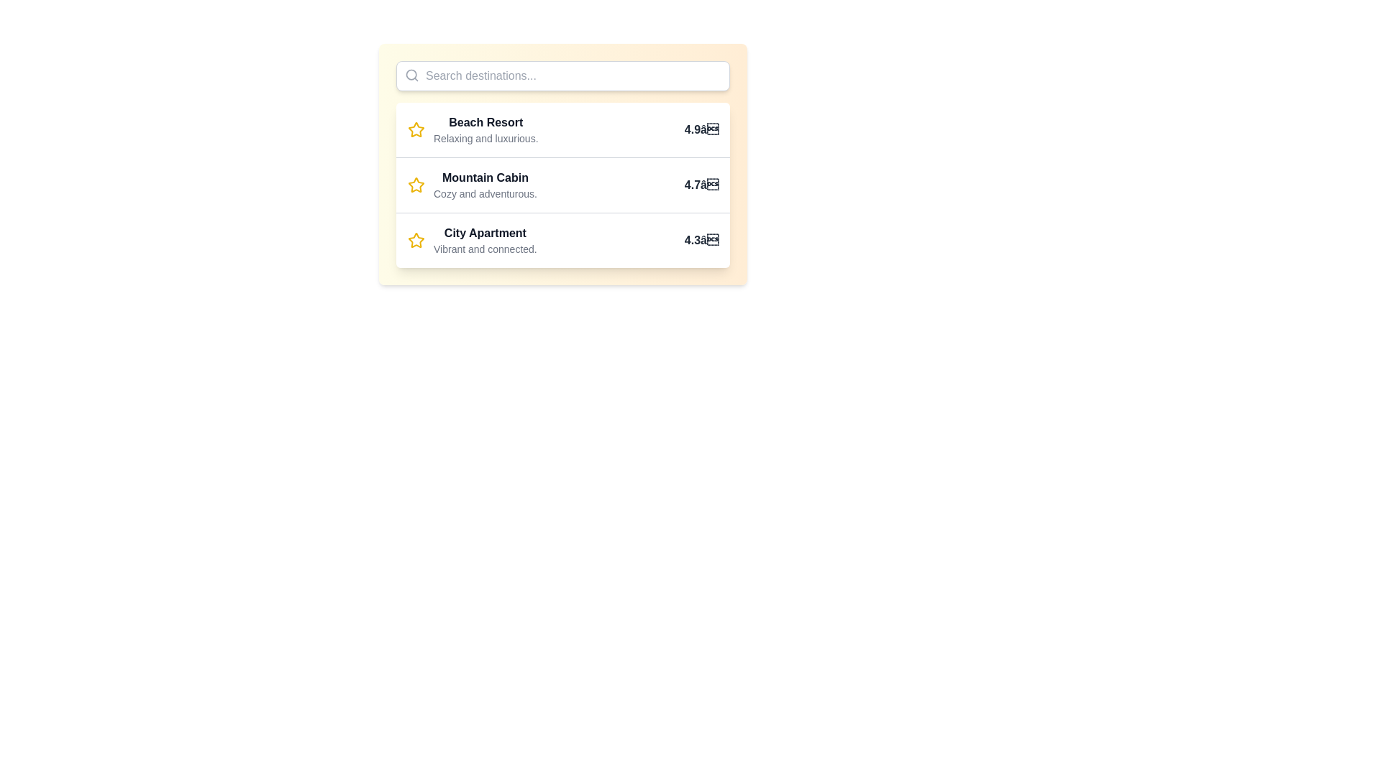 This screenshot has width=1381, height=776. What do you see at coordinates (416, 239) in the screenshot?
I see `the star-shaped icon with a yellow outline located next to the title 'City Apartment' in the third list item card for an interaction` at bounding box center [416, 239].